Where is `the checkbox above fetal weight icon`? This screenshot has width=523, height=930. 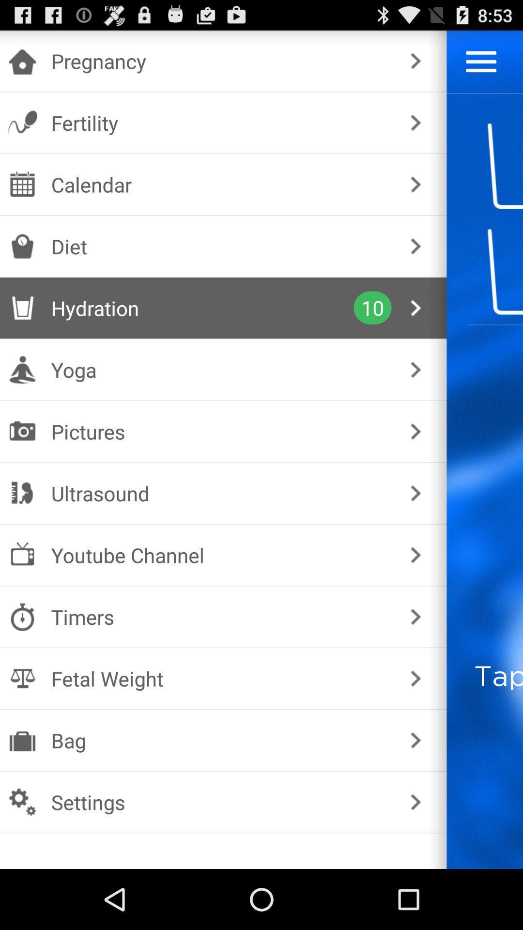 the checkbox above fetal weight icon is located at coordinates (221, 616).